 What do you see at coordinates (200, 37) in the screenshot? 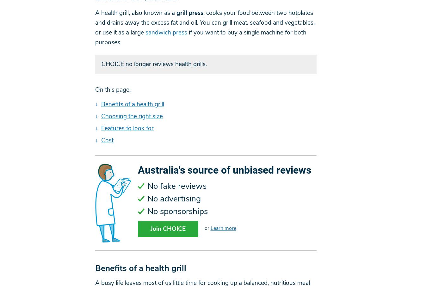
I see `'if you want to buy a single machine for both purposes.'` at bounding box center [200, 37].